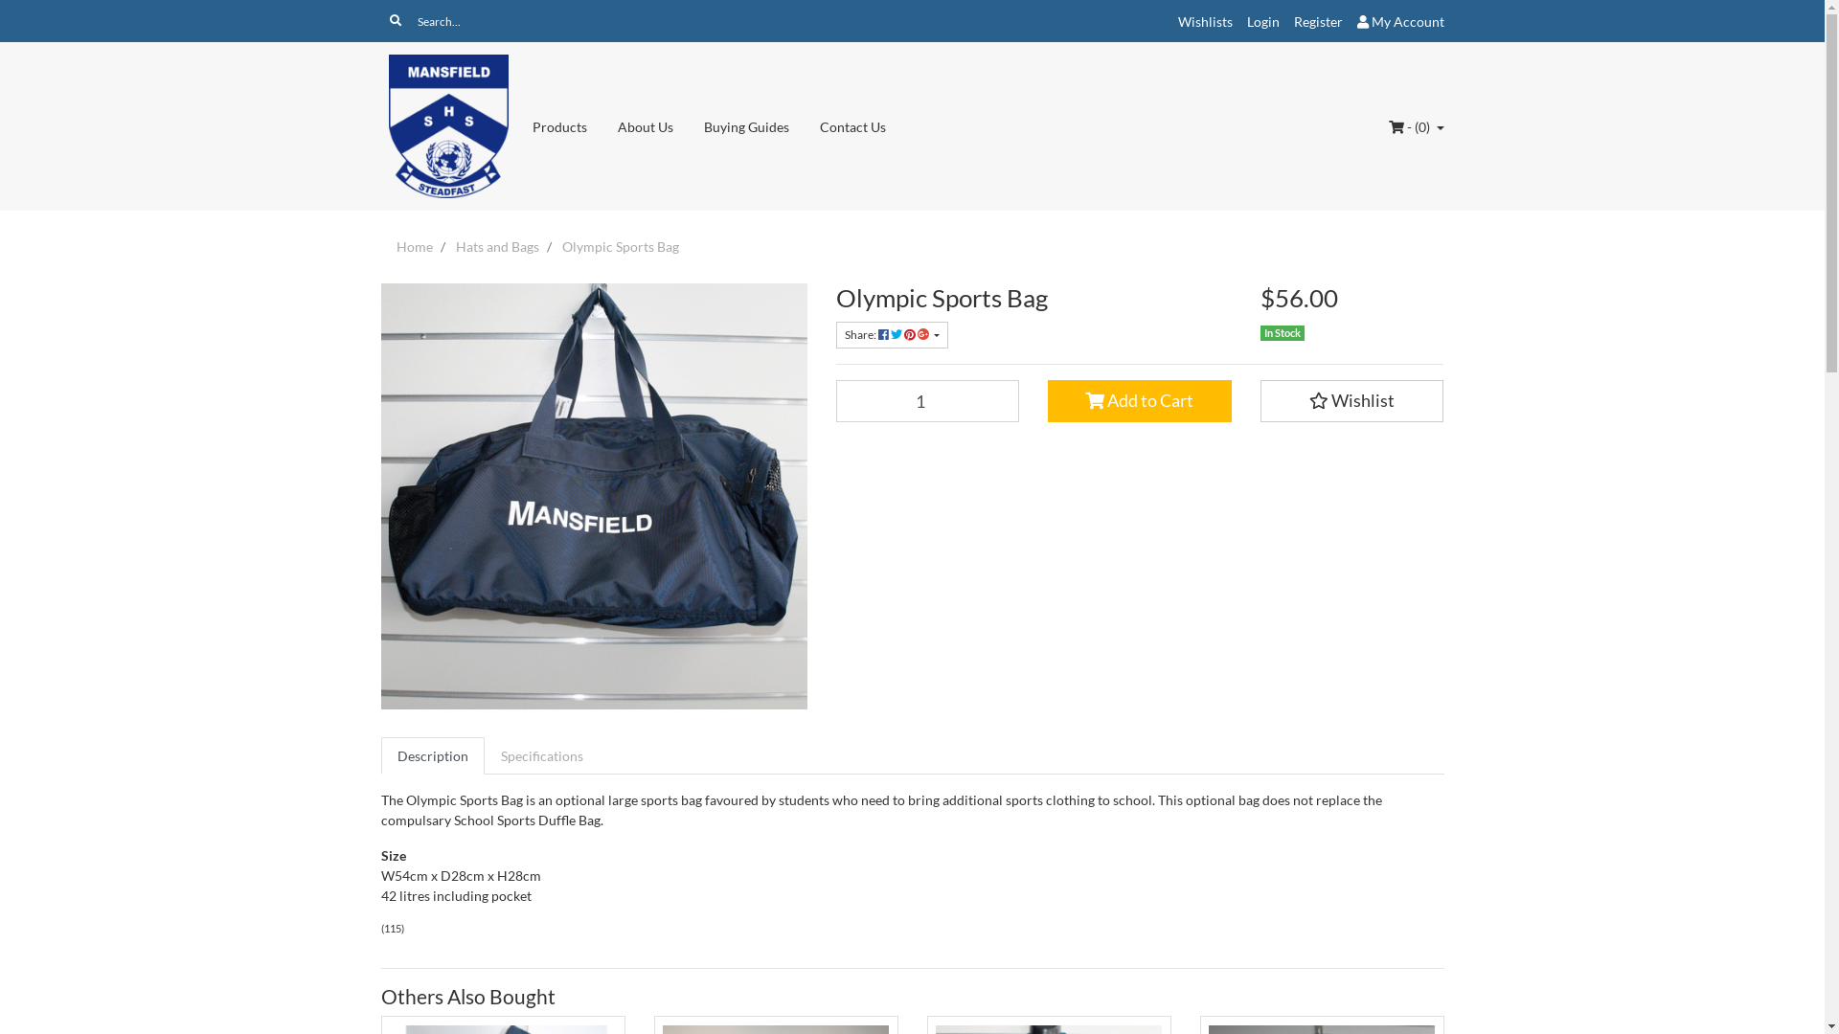  Describe the element at coordinates (1316, 21) in the screenshot. I see `'Register'` at that location.